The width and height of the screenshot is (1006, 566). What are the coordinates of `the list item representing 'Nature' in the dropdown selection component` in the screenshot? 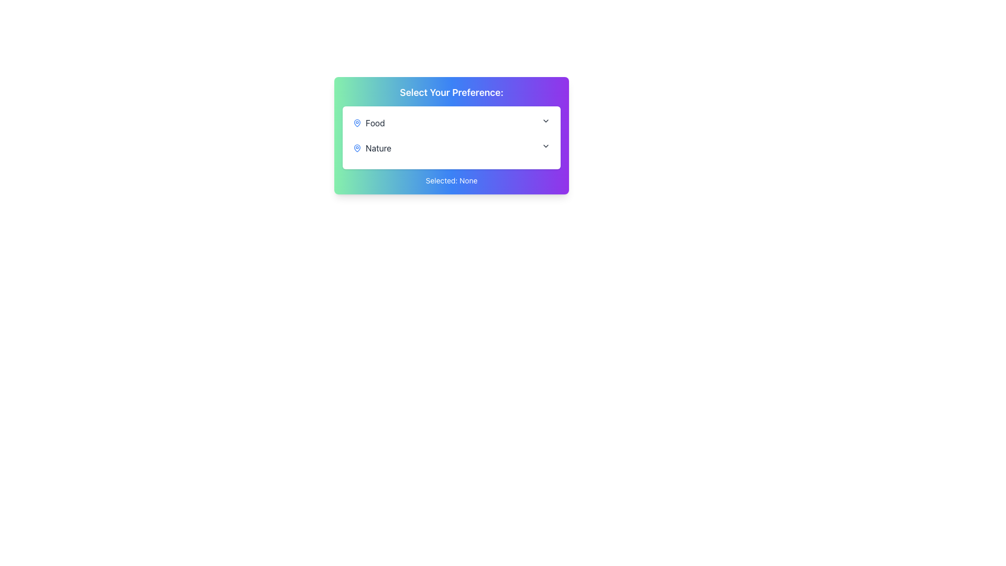 It's located at (452, 148).